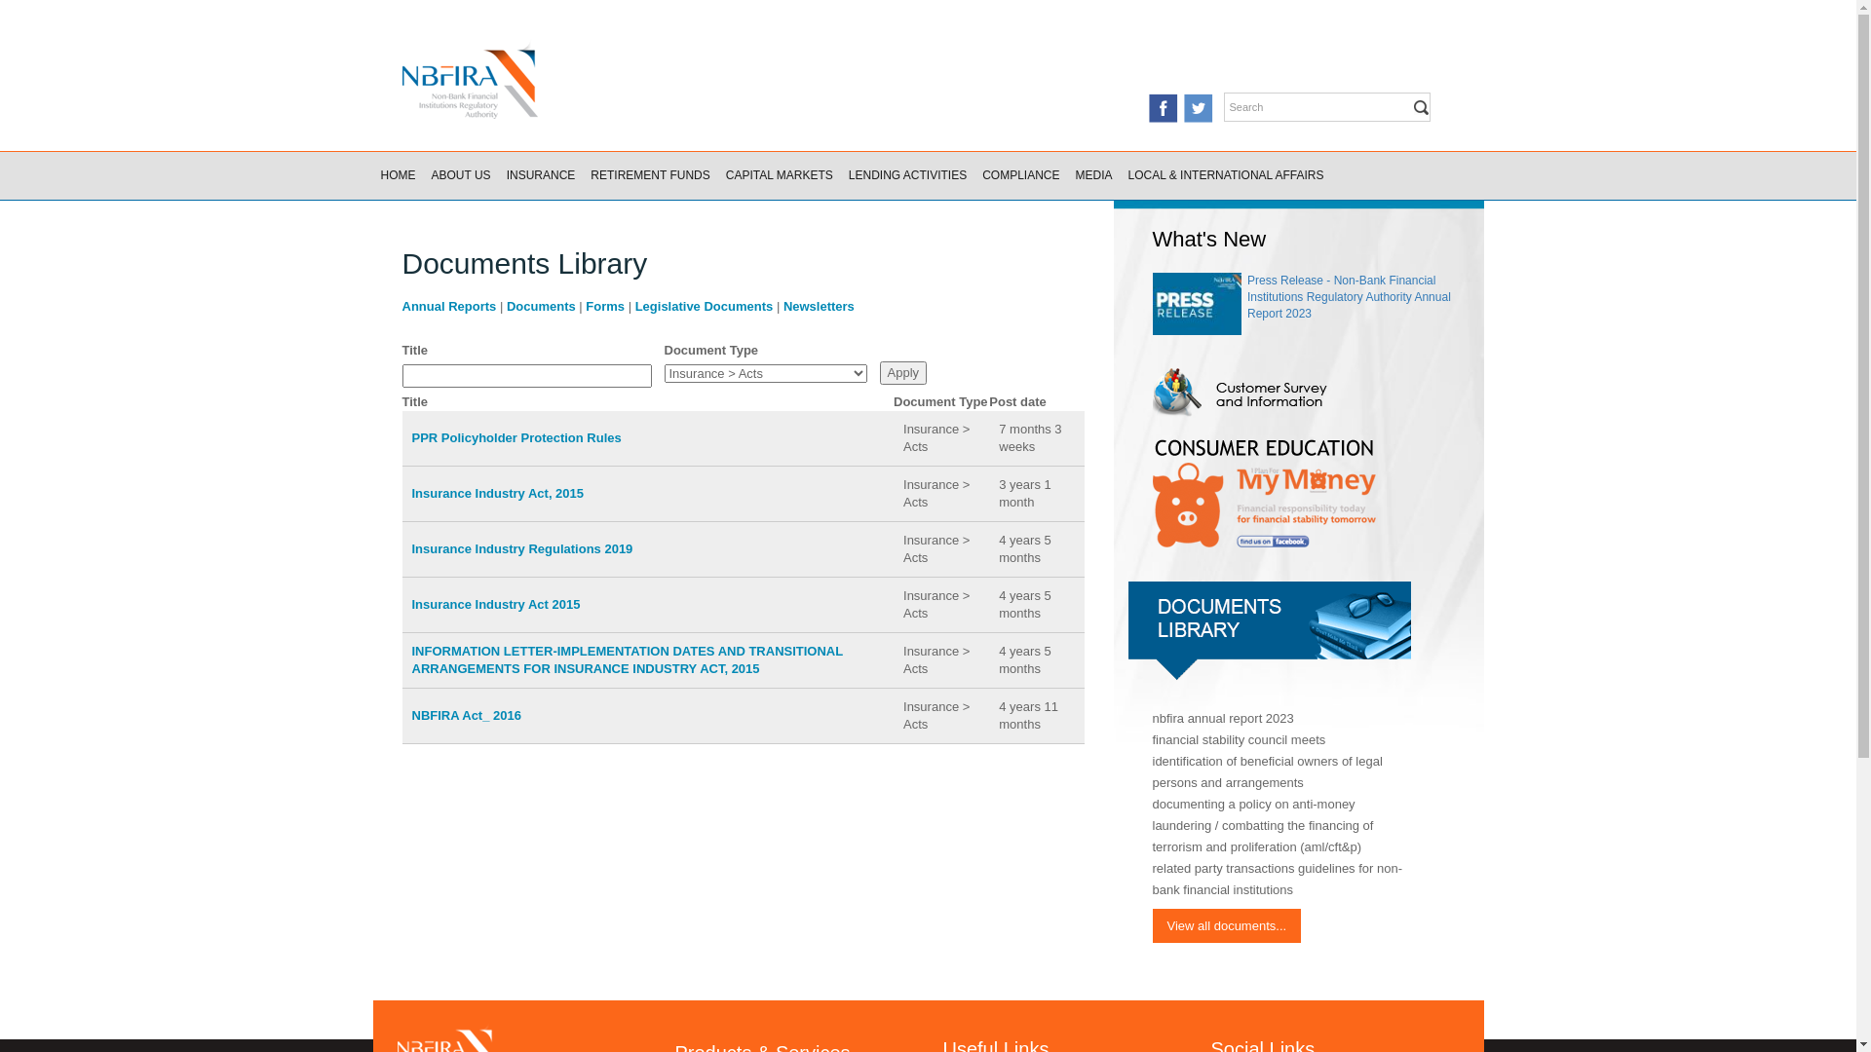 This screenshot has width=1871, height=1052. What do you see at coordinates (1225, 924) in the screenshot?
I see `'View all documents...'` at bounding box center [1225, 924].